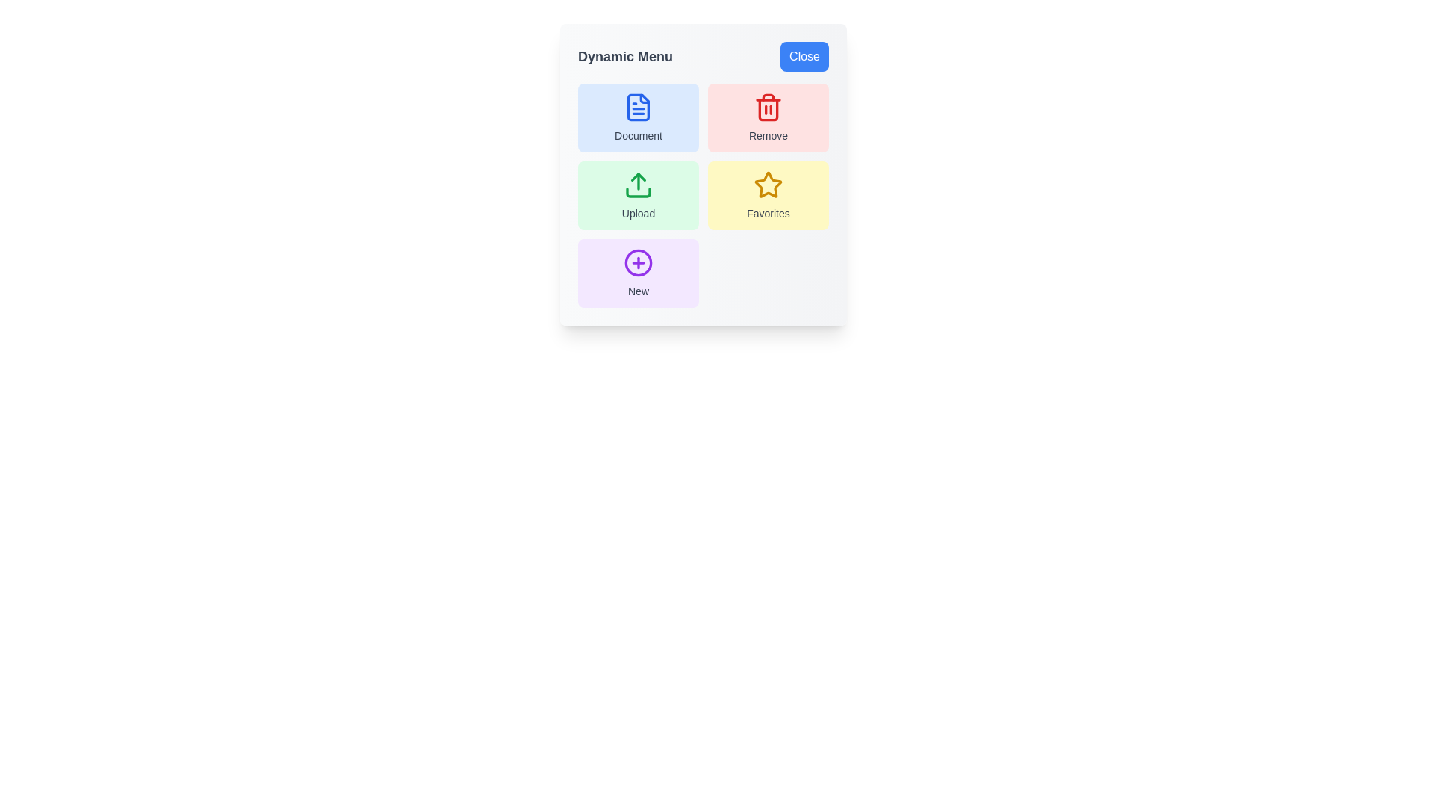  I want to click on the static text label displaying 'Favorites', which is styled in small gray text and located below a yellow star icon within a yellowish button background in the bottom-right corner of the button grid, so click(768, 213).